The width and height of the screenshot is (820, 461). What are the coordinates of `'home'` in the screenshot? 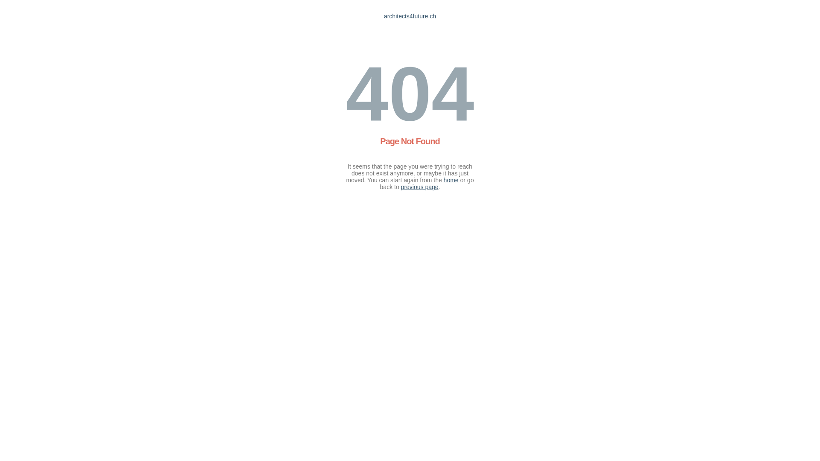 It's located at (451, 179).